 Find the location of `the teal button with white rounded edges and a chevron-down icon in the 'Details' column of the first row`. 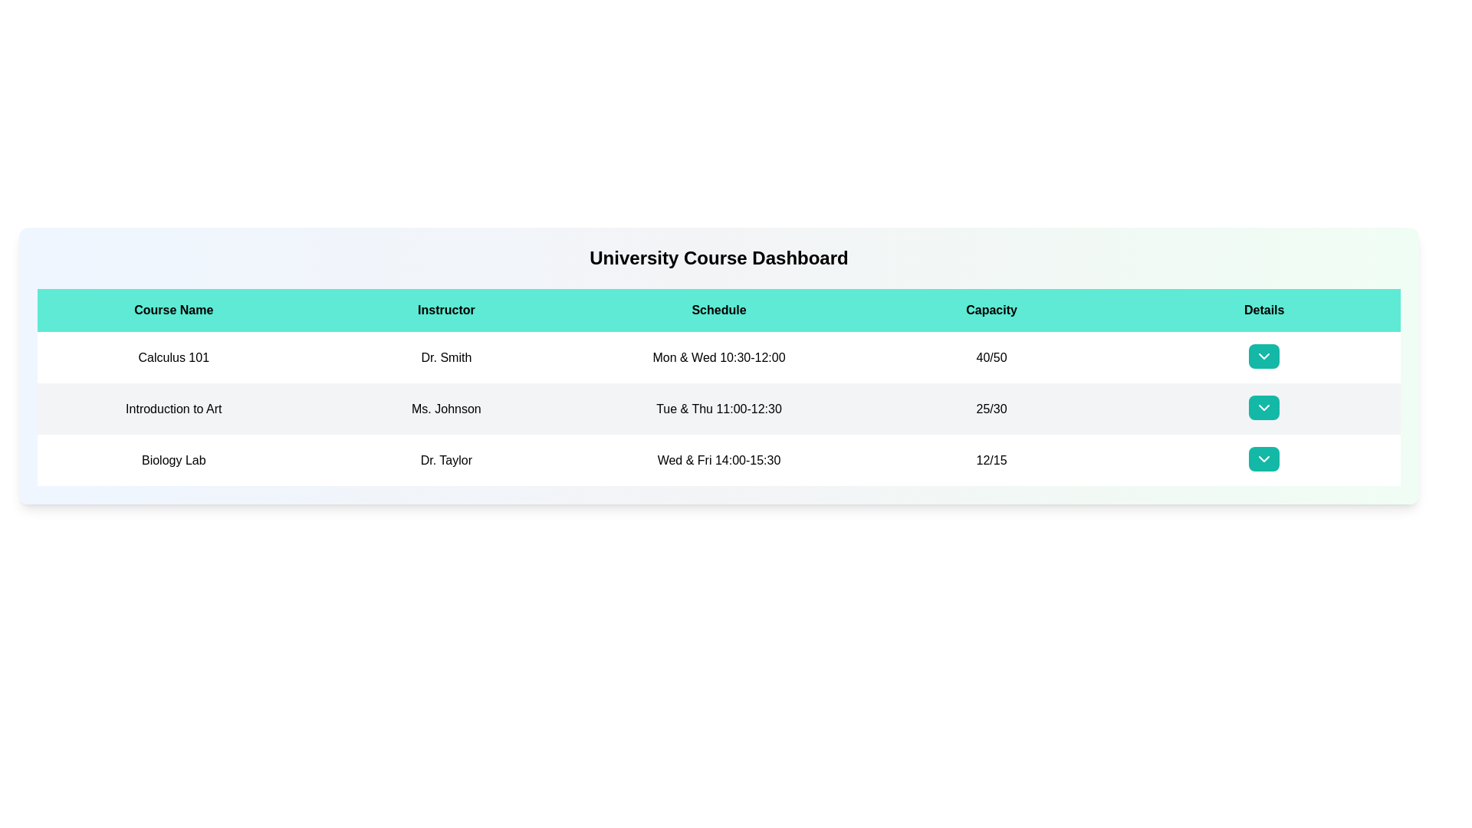

the teal button with white rounded edges and a chevron-down icon in the 'Details' column of the first row is located at coordinates (1264, 356).